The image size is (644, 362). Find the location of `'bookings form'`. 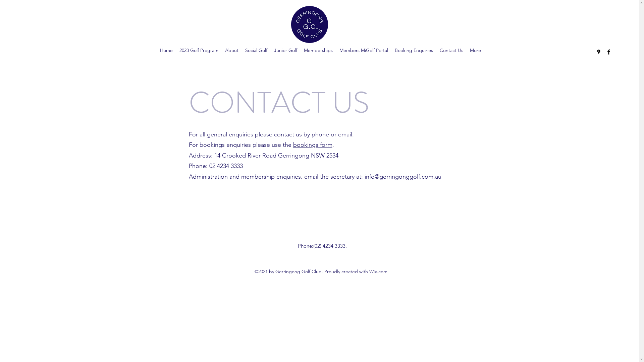

'bookings form' is located at coordinates (293, 144).